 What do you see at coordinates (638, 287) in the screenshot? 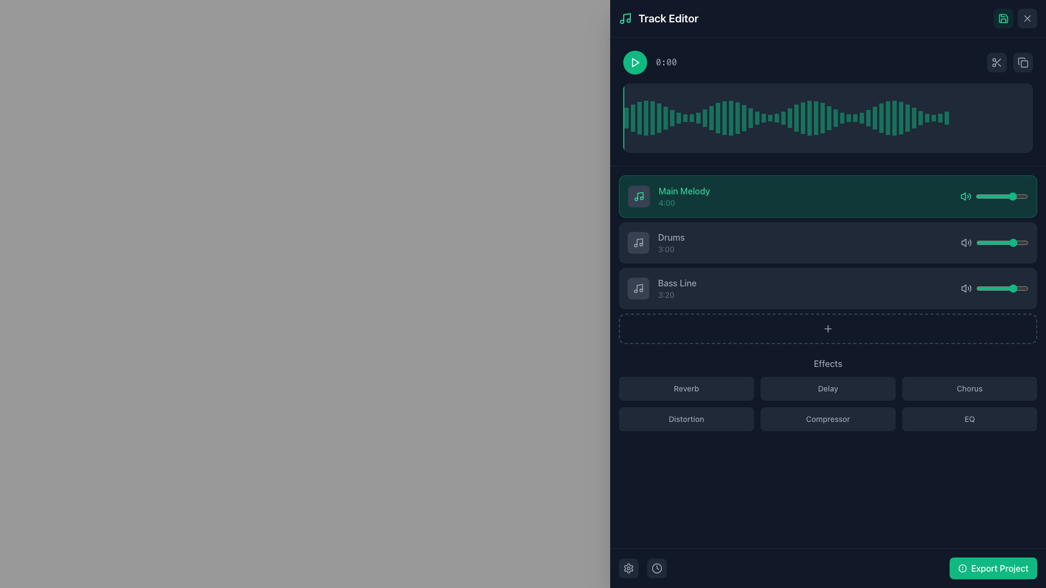
I see `the Bass Line icon, which serves as a visual indicator and is located at the leftmost side of the row labeled with 'Bass Line' and '3:20'` at bounding box center [638, 287].